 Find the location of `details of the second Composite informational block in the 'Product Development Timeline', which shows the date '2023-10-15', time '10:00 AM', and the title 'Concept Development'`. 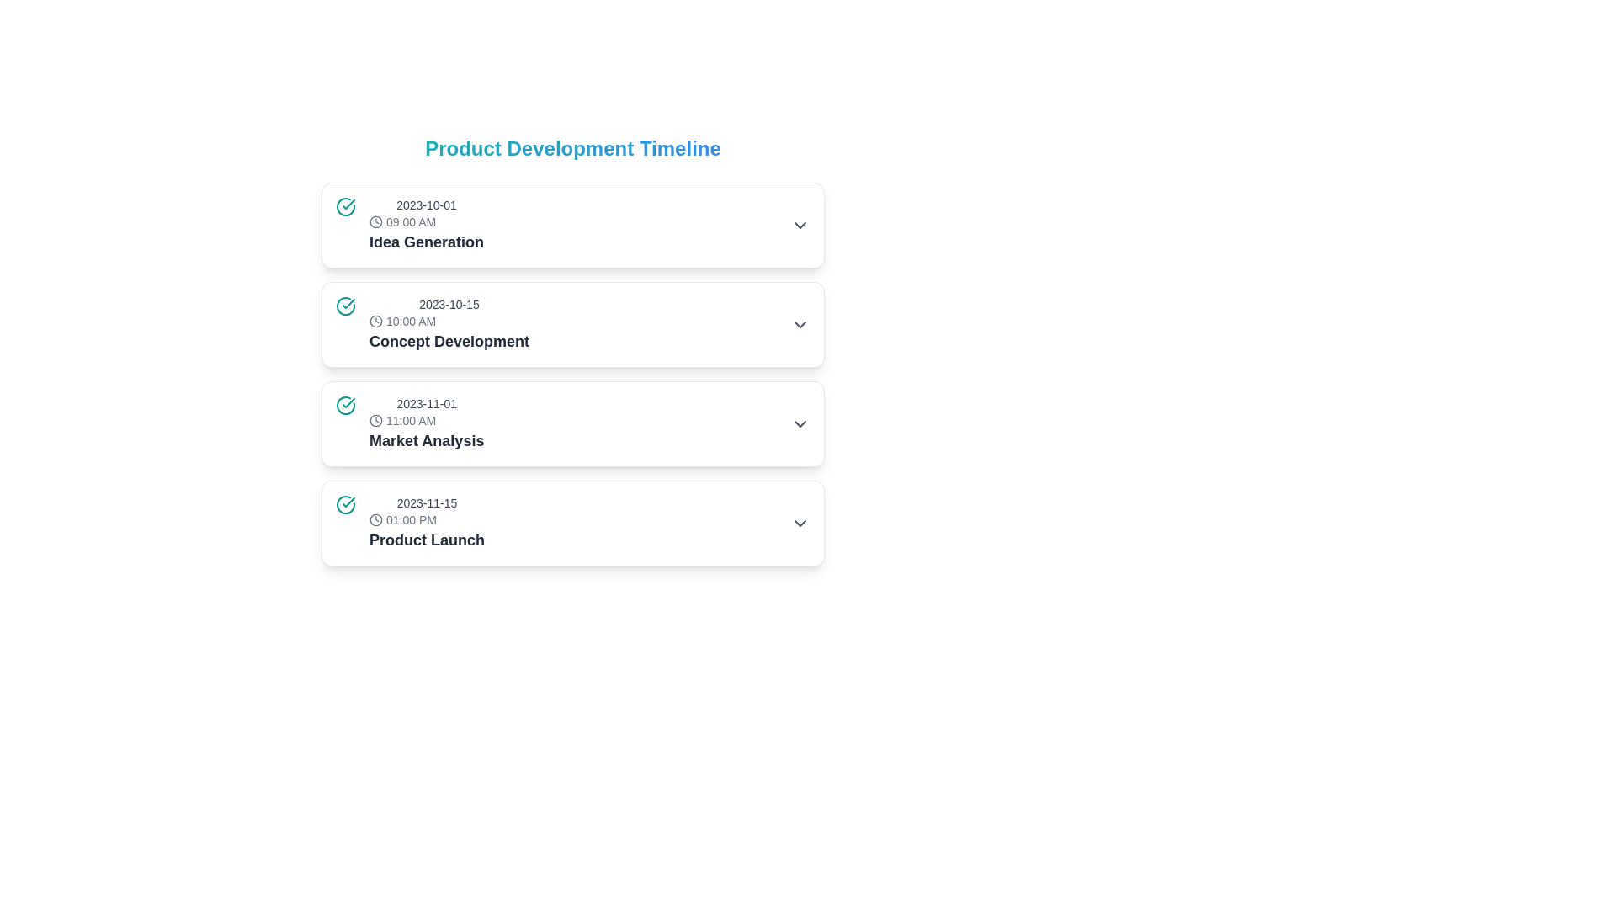

details of the second Composite informational block in the 'Product Development Timeline', which shows the date '2023-10-15', time '10:00 AM', and the title 'Concept Development' is located at coordinates (449, 324).